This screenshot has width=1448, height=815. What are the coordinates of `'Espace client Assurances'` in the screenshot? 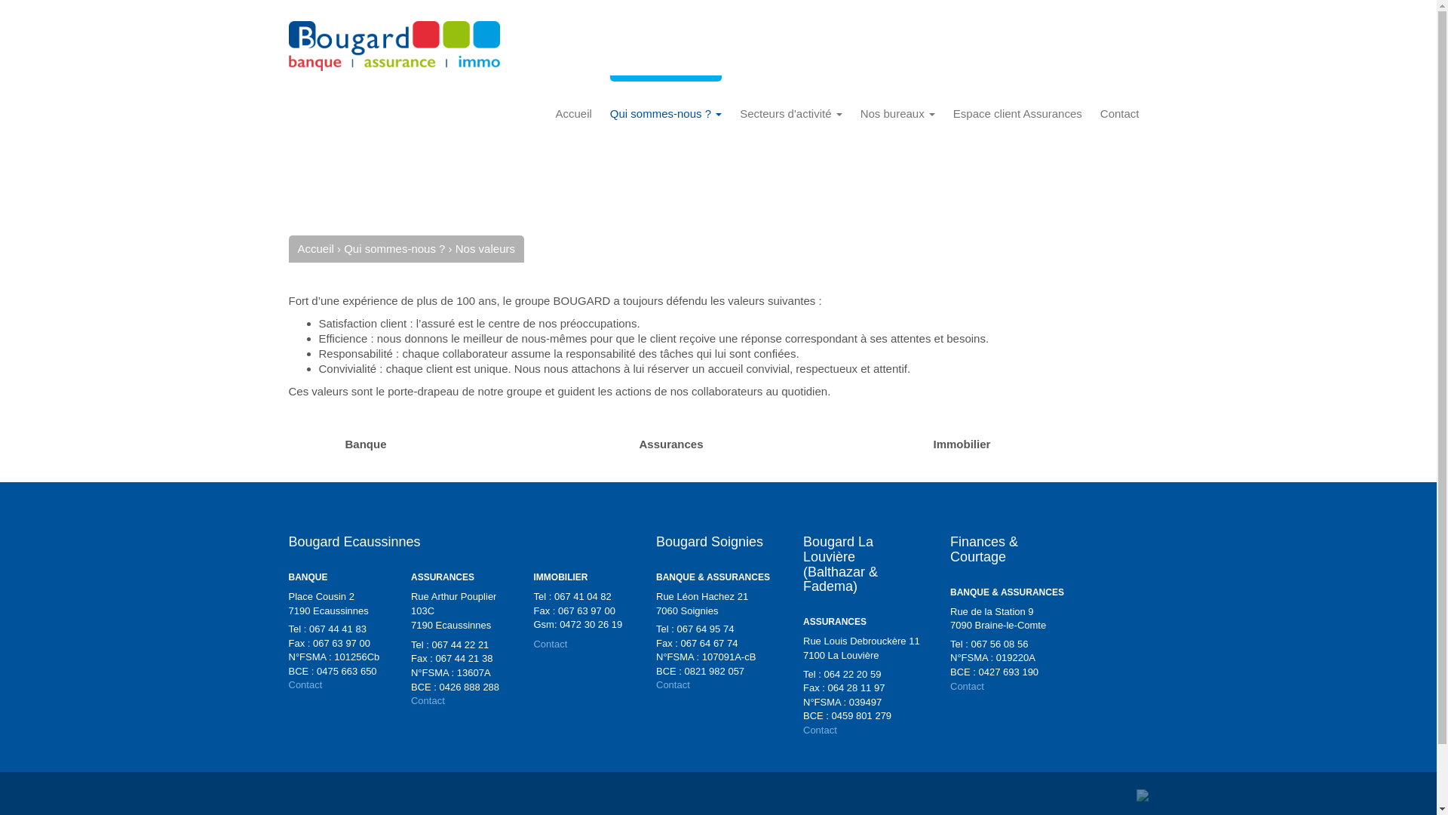 It's located at (1017, 112).